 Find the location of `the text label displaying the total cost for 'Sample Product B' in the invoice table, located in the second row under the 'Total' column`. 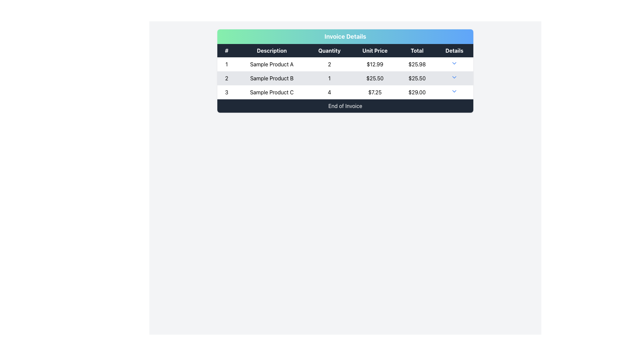

the text label displaying the total cost for 'Sample Product B' in the invoice table, located in the second row under the 'Total' column is located at coordinates (417, 78).